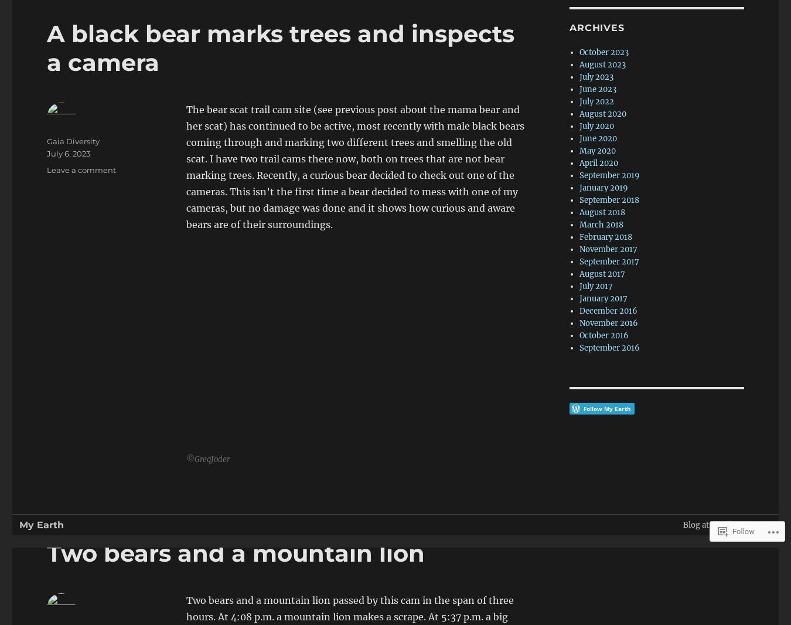 Image resolution: width=791 pixels, height=625 pixels. What do you see at coordinates (604, 52) in the screenshot?
I see `'October 2023'` at bounding box center [604, 52].